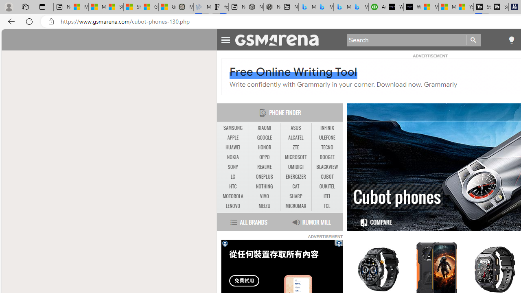 The width and height of the screenshot is (521, 293). I want to click on 'Accounting Software for Accountants, CPAs and Bookkeepers', so click(377, 7).